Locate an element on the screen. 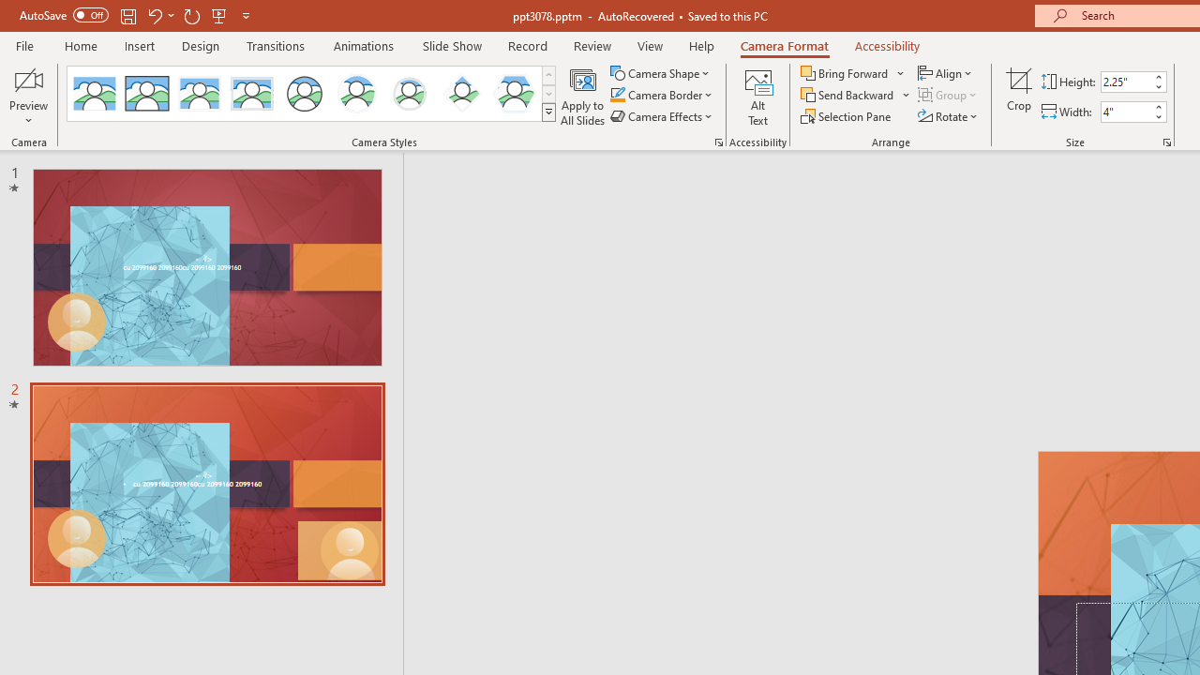 The height and width of the screenshot is (675, 1200). 'Bring Forward' is located at coordinates (845, 72).